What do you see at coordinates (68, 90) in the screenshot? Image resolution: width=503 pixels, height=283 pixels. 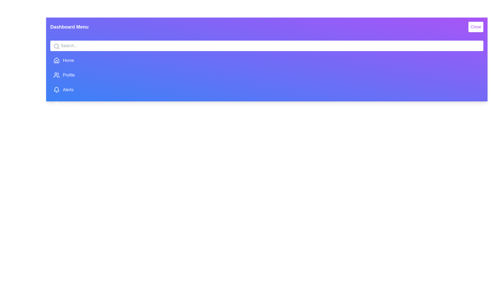 I see `the 'Alerts' text label, which is displayed in white on a blue background, located below the 'Profile' menu item in the vertical navigation list` at bounding box center [68, 90].